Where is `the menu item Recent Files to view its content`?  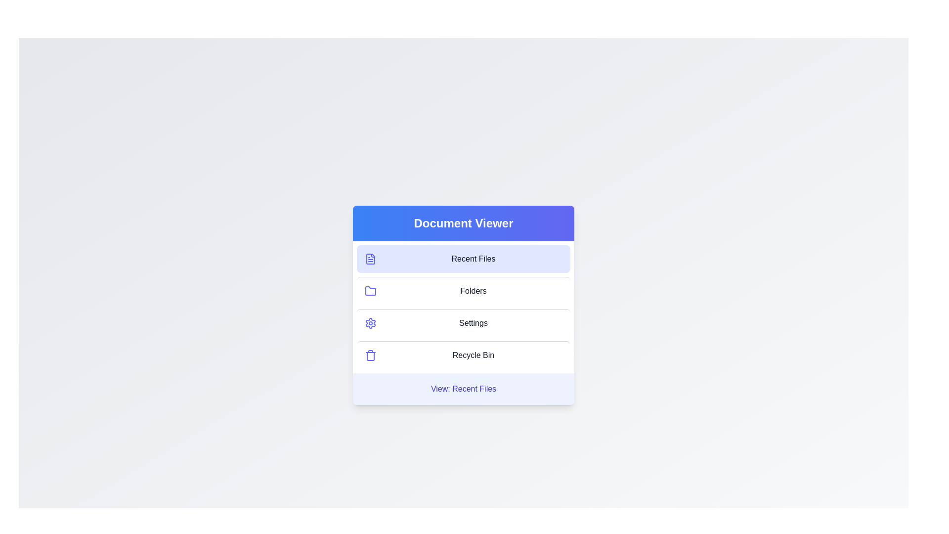
the menu item Recent Files to view its content is located at coordinates (463, 258).